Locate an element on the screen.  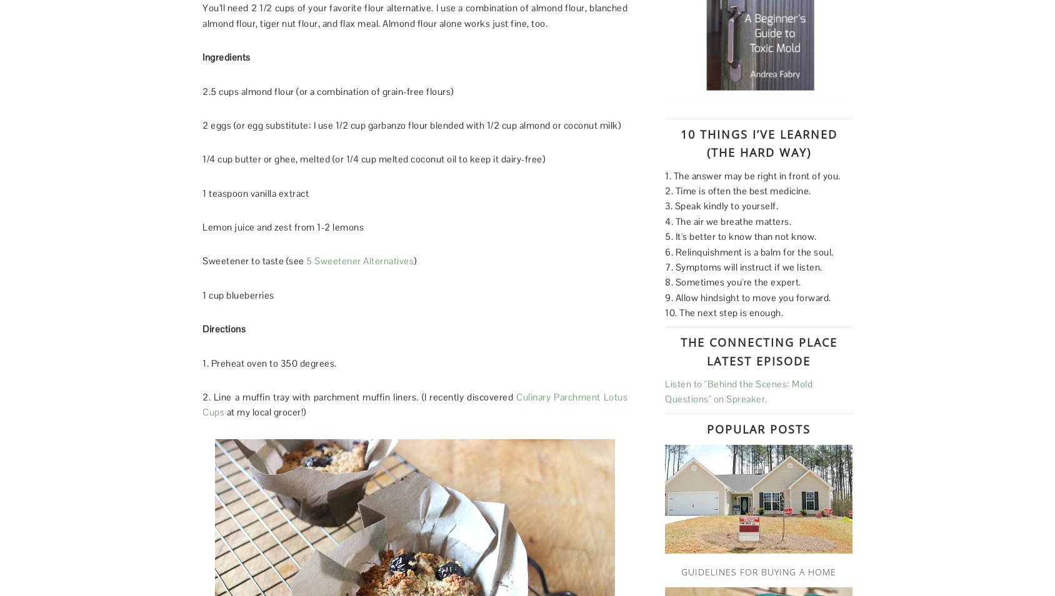
'The Connecting Place Latest Episode' is located at coordinates (758, 350).